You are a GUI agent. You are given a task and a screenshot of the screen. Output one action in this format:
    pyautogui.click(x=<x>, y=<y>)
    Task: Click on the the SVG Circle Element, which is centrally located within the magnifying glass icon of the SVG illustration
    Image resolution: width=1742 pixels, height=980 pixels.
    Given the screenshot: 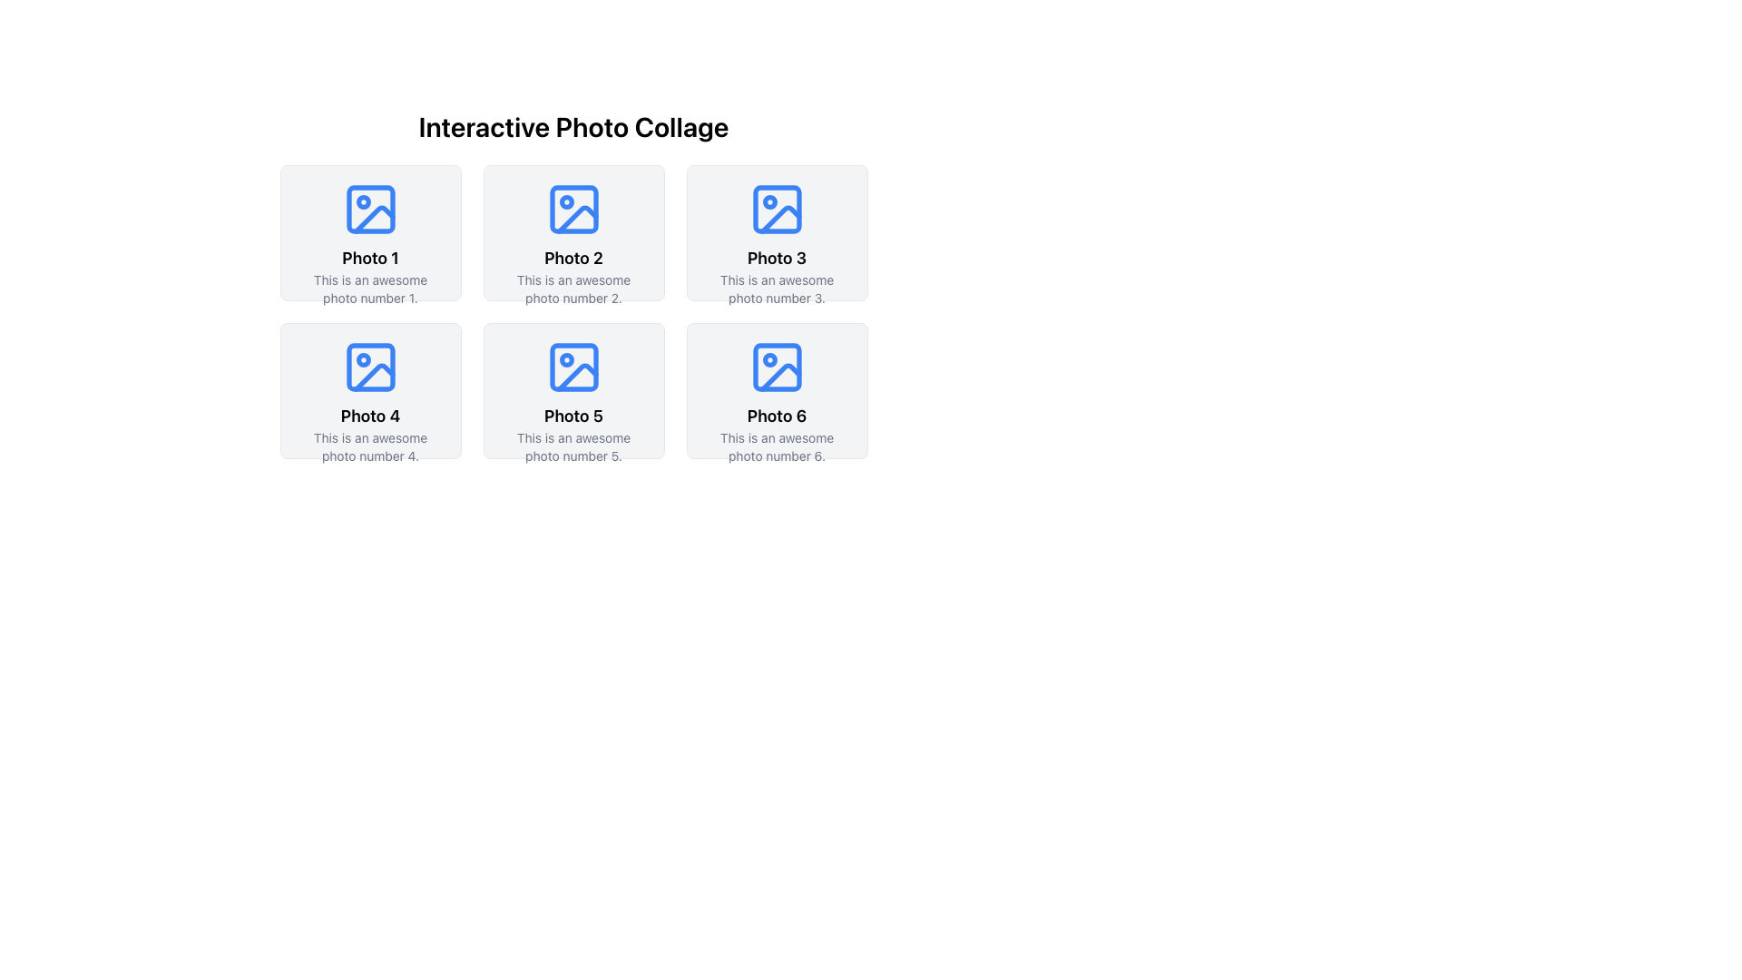 What is the action you would take?
    pyautogui.click(x=776, y=231)
    